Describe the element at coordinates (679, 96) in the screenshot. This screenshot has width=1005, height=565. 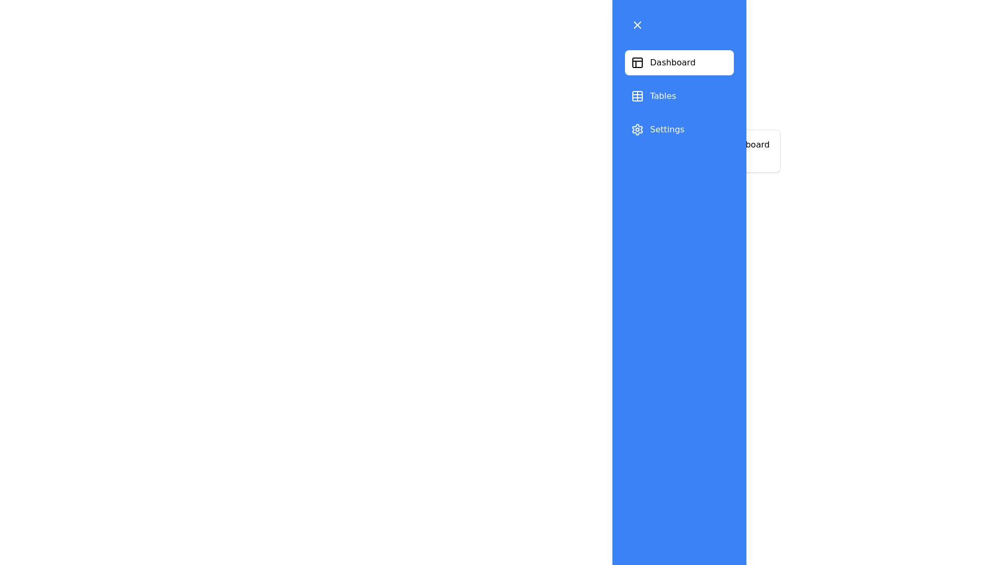
I see `the section labeled 'Tables' to observe the hover effect` at that location.